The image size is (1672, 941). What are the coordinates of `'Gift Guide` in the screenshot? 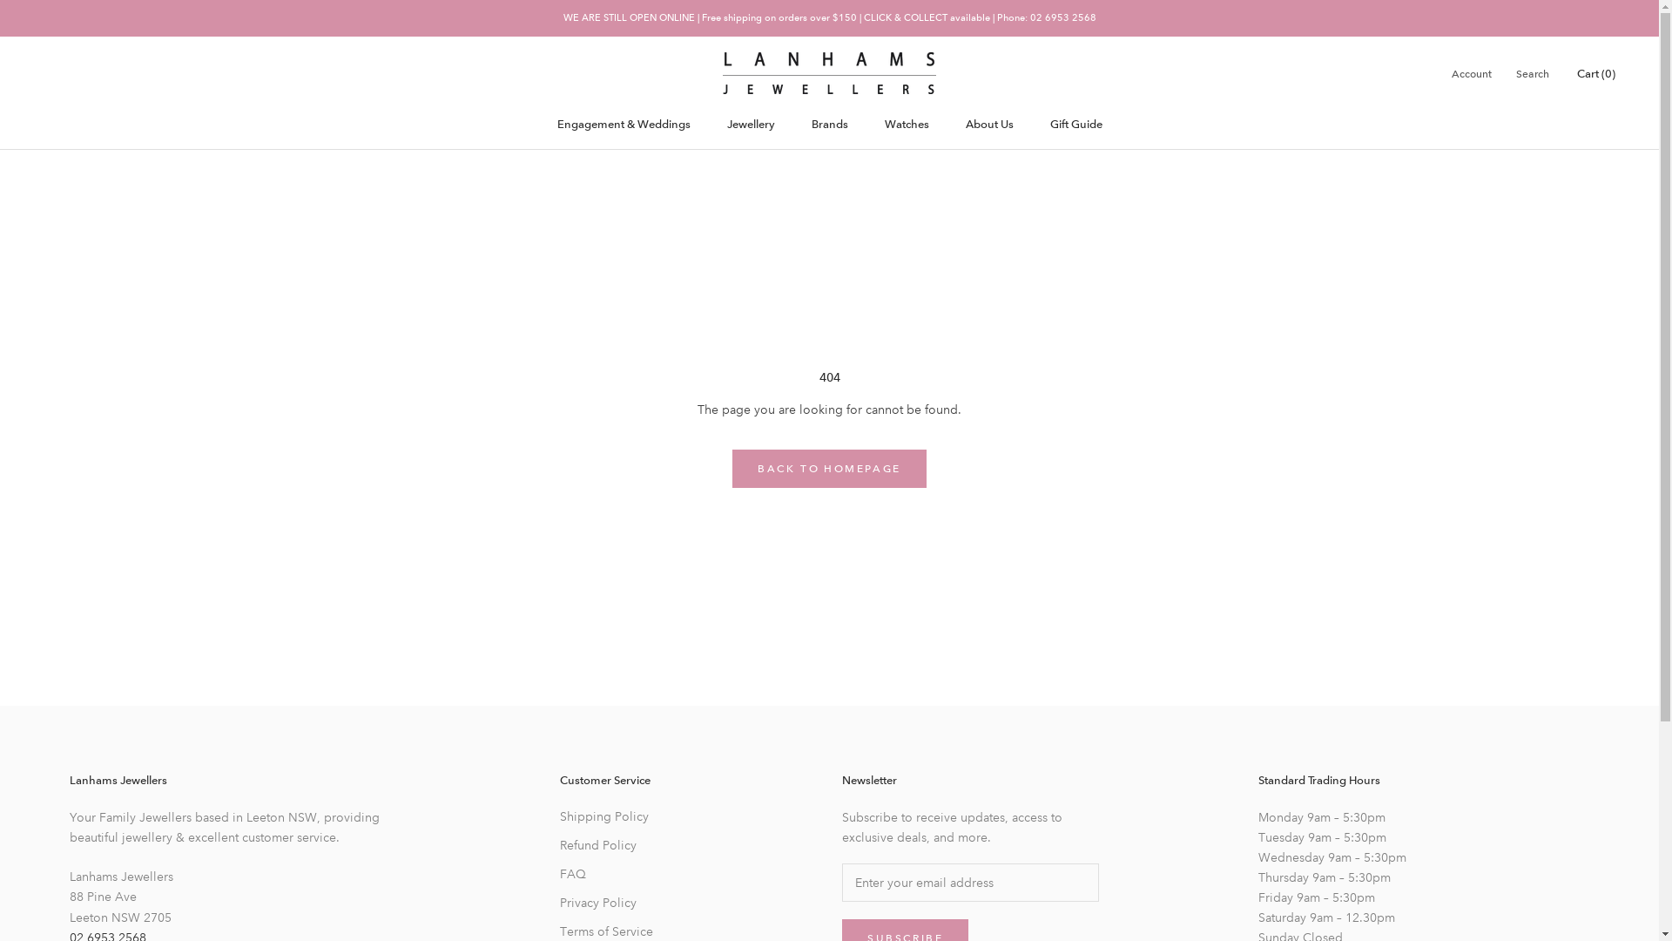 It's located at (1075, 123).